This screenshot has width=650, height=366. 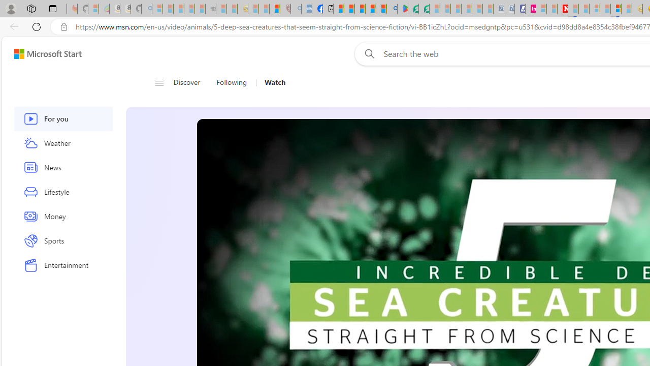 I want to click on 'google - Search', so click(x=391, y=9).